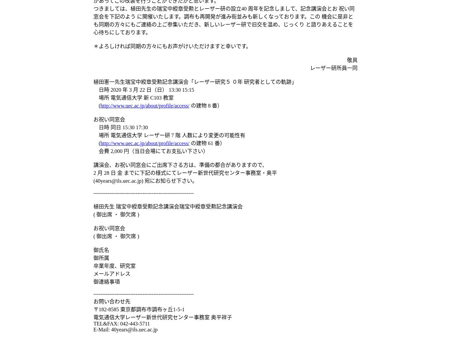  Describe the element at coordinates (120, 127) in the screenshot. I see `'日時 同日 15:30 17:30'` at that location.